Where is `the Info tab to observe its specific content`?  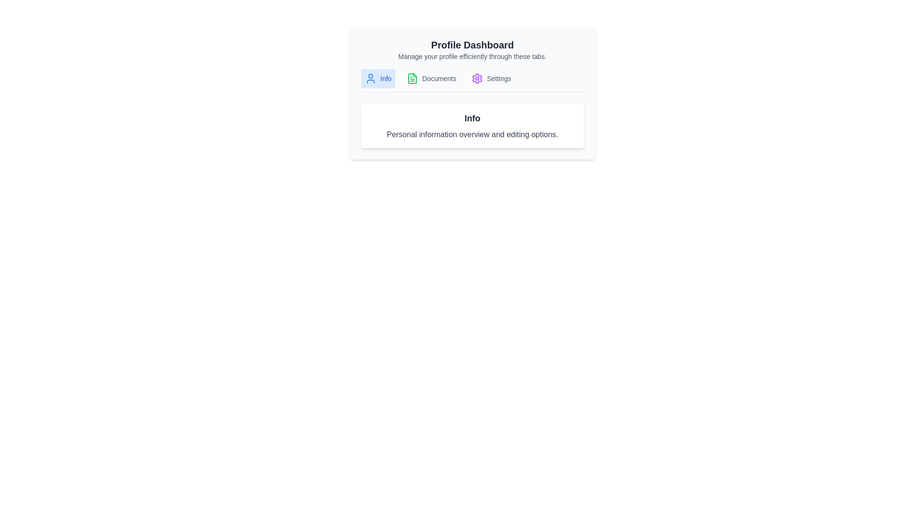
the Info tab to observe its specific content is located at coordinates (377, 78).